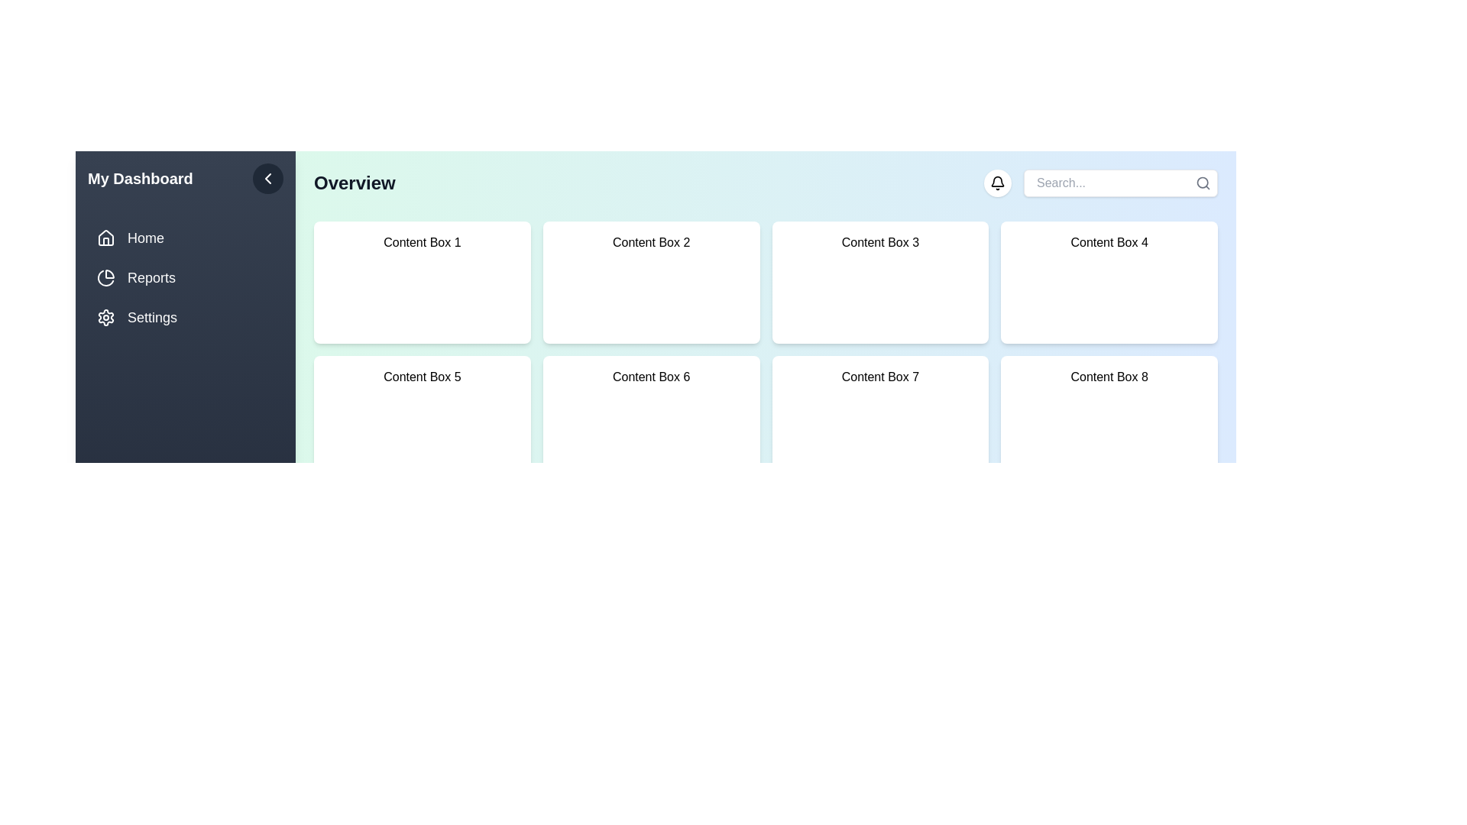 Image resolution: width=1467 pixels, height=825 pixels. Describe the element at coordinates (1113, 182) in the screenshot. I see `the search input field and type 'example query'` at that location.